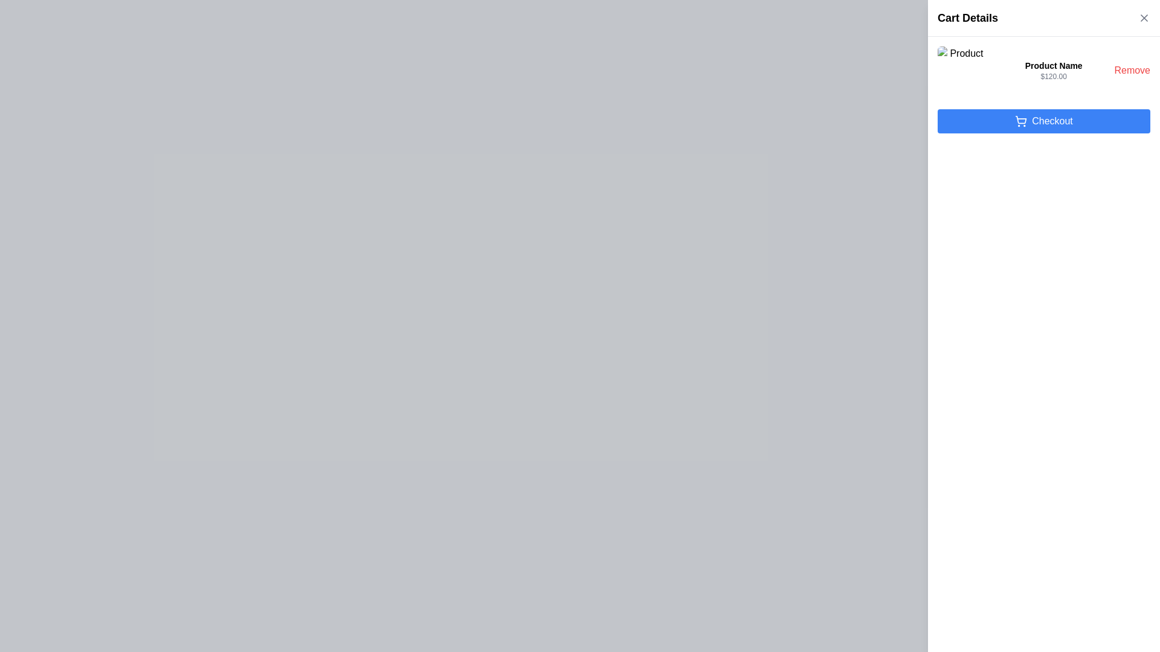 This screenshot has height=652, width=1160. Describe the element at coordinates (1144, 18) in the screenshot. I see `the close button located at the top-right corner of the interface, next to the 'Cart Details' title` at that location.